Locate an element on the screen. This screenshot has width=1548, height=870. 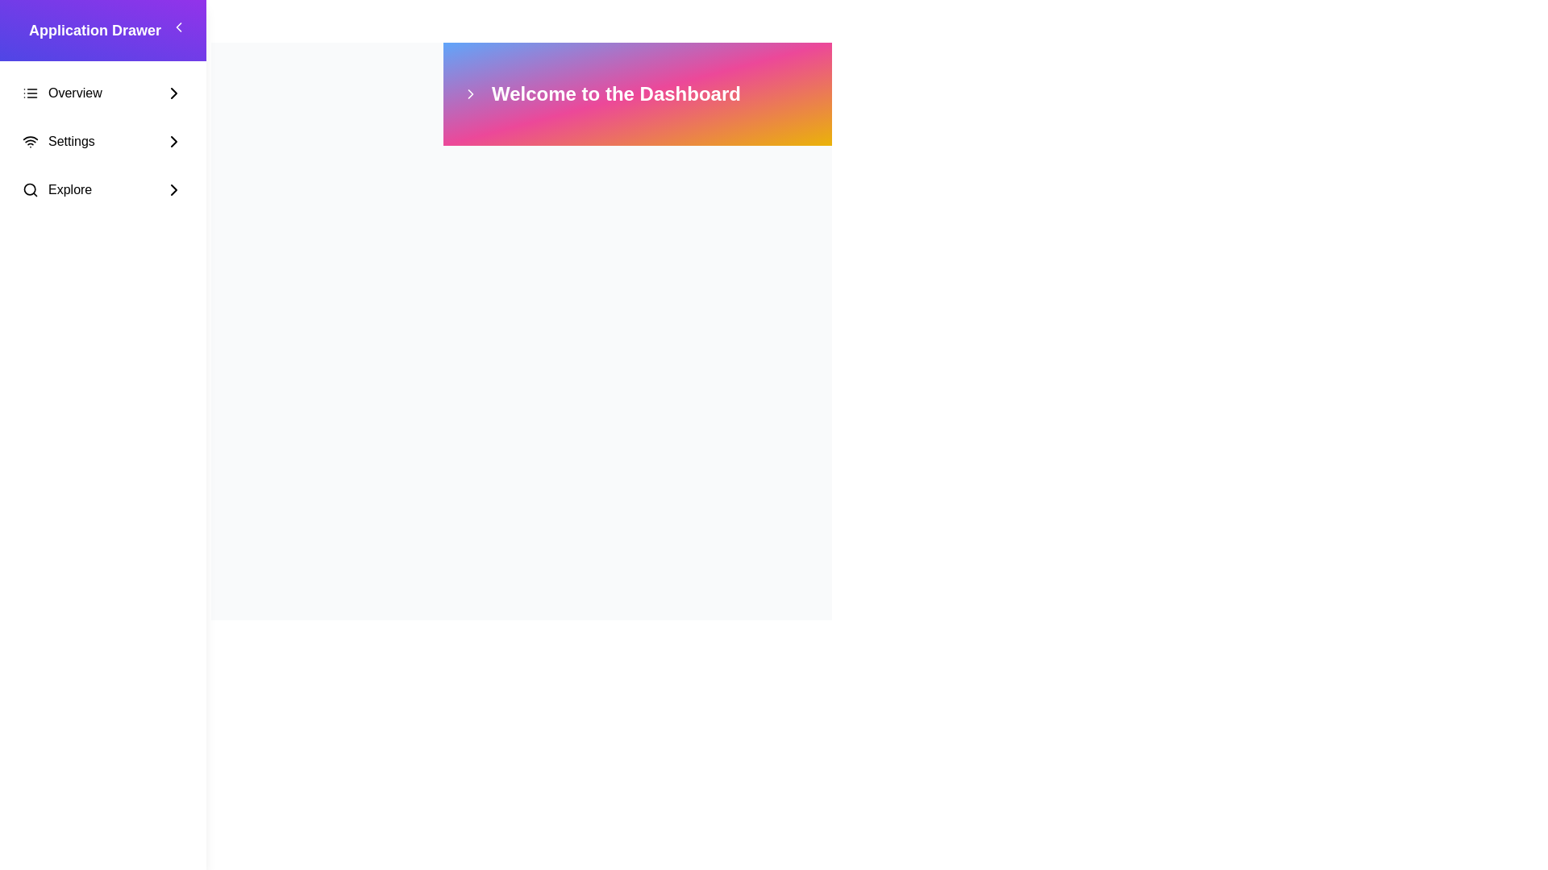
the SVG graphical element representing the circle of the search icon located in the application's sidebar, which is aligned with the 'Explore' menu label is located at coordinates (30, 188).